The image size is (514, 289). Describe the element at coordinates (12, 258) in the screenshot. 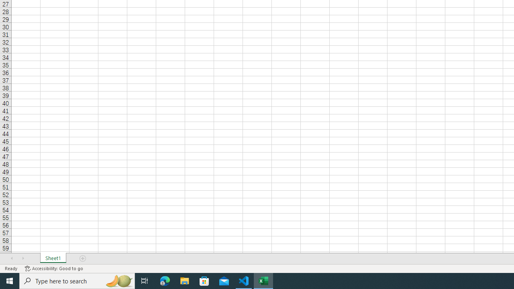

I see `'Scroll Left'` at that location.